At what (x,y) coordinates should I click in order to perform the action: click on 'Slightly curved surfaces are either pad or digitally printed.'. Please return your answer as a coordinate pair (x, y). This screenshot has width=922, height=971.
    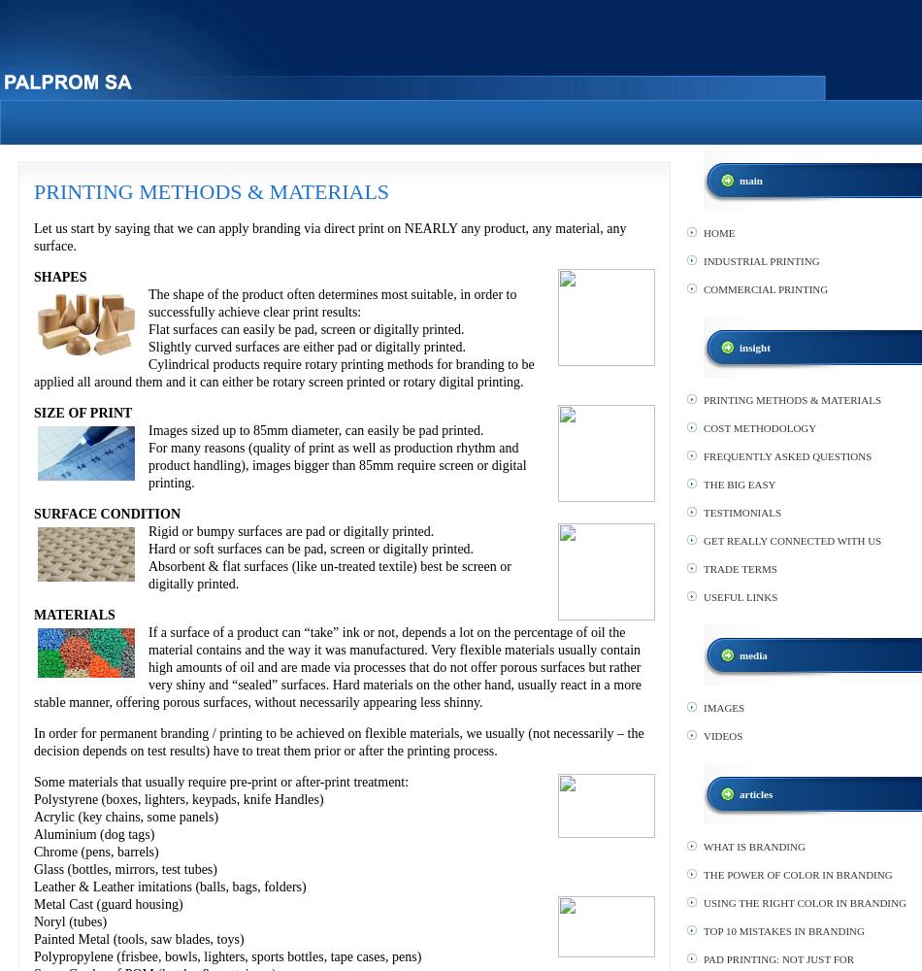
    Looking at the image, I should click on (305, 346).